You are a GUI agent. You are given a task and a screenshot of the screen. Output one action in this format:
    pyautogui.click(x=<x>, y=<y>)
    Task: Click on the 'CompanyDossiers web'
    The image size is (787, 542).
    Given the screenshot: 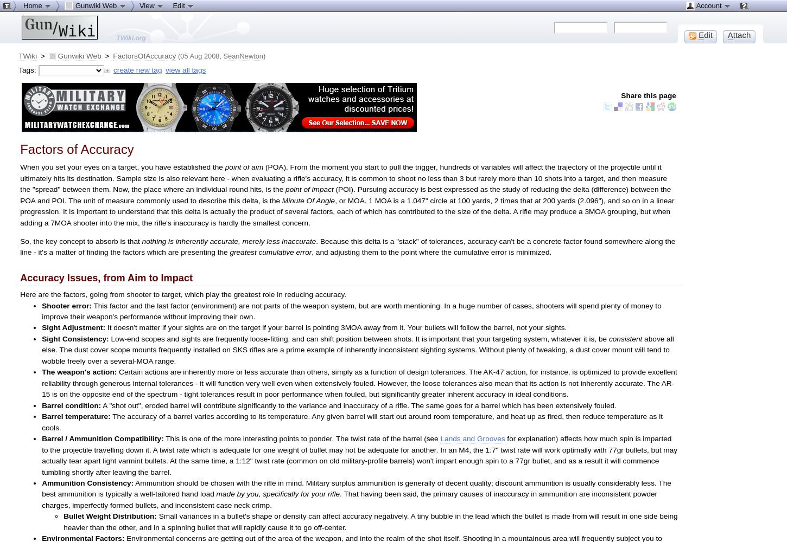 What is the action you would take?
    pyautogui.click(x=68, y=30)
    